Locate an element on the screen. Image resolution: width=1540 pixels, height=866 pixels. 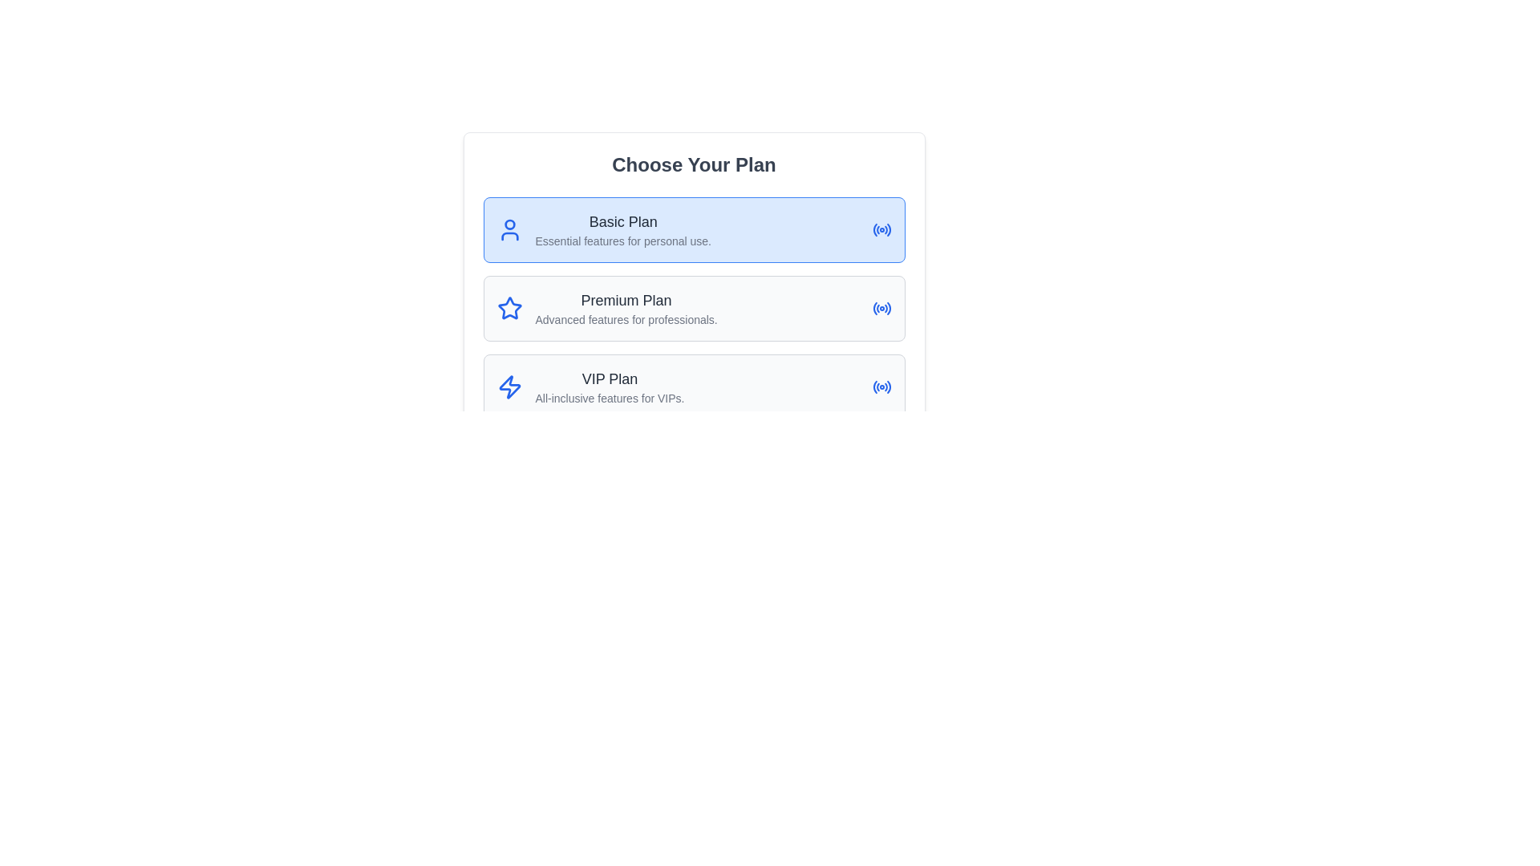
the 'Premium Plan' selectable option card to trigger styling changes, which is the second card in the vertically stacked list of subscription options is located at coordinates (694, 309).